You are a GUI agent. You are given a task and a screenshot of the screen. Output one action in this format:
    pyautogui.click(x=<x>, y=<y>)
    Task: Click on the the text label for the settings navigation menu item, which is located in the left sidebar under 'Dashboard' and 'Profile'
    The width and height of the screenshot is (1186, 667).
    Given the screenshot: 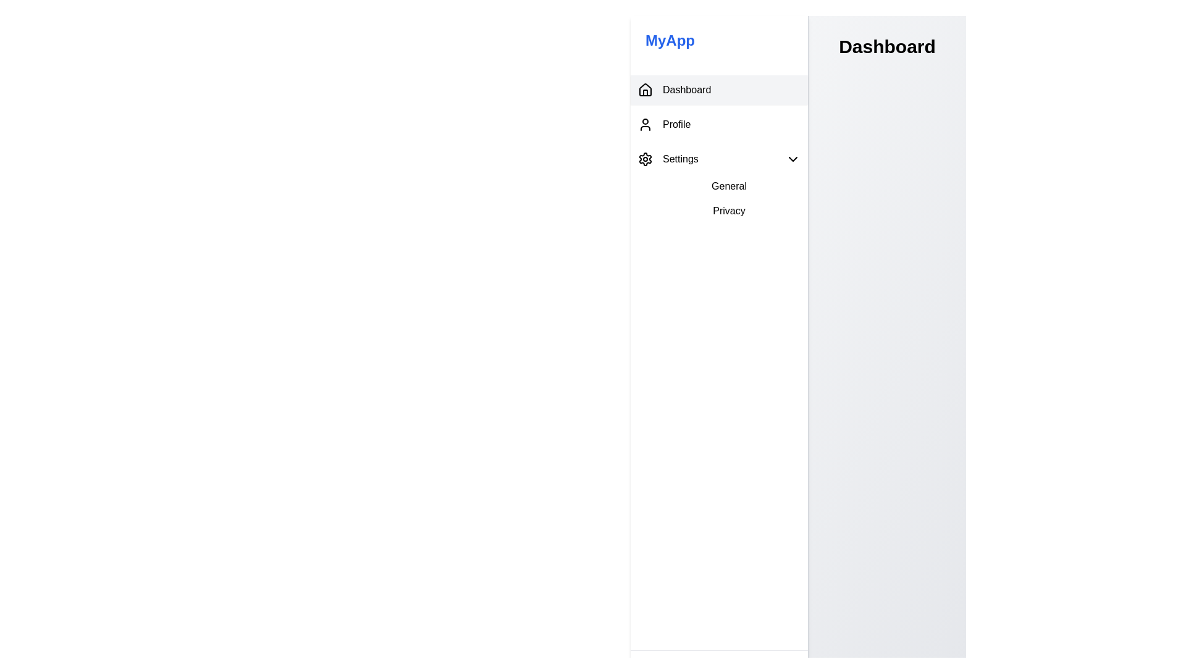 What is the action you would take?
    pyautogui.click(x=679, y=159)
    